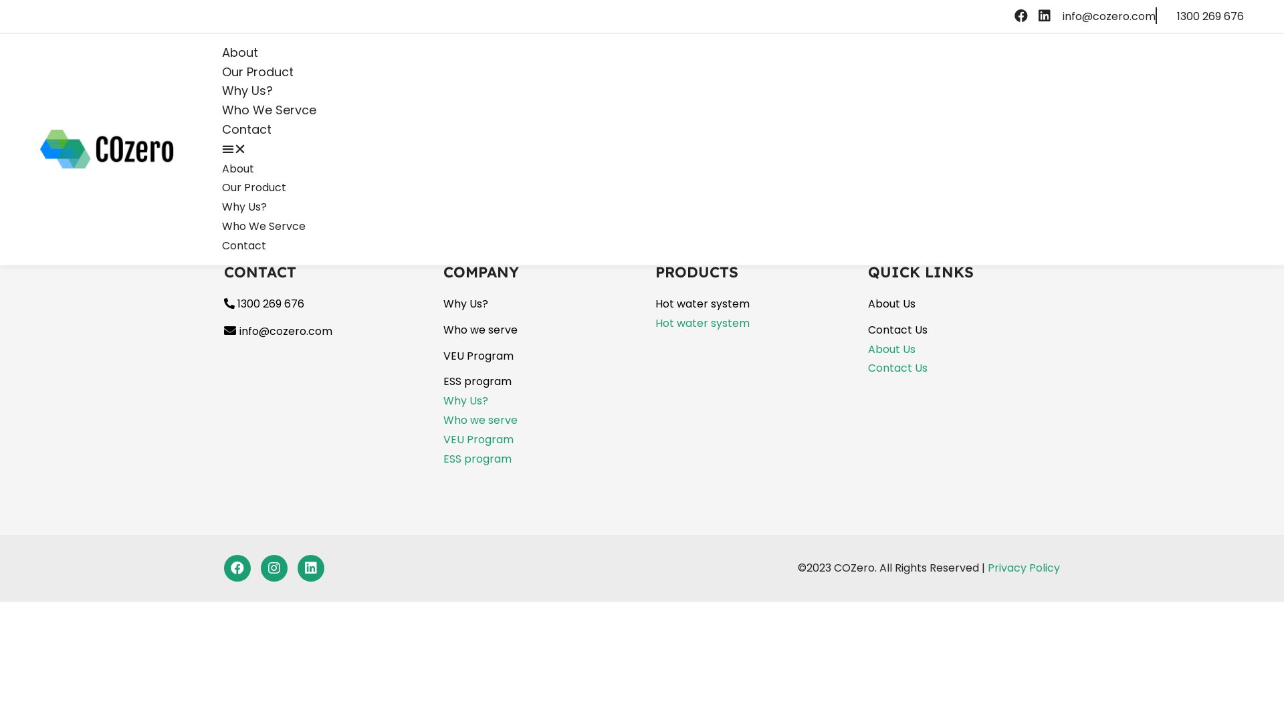 The width and height of the screenshot is (1284, 722). What do you see at coordinates (243, 245) in the screenshot?
I see `'Contact'` at bounding box center [243, 245].